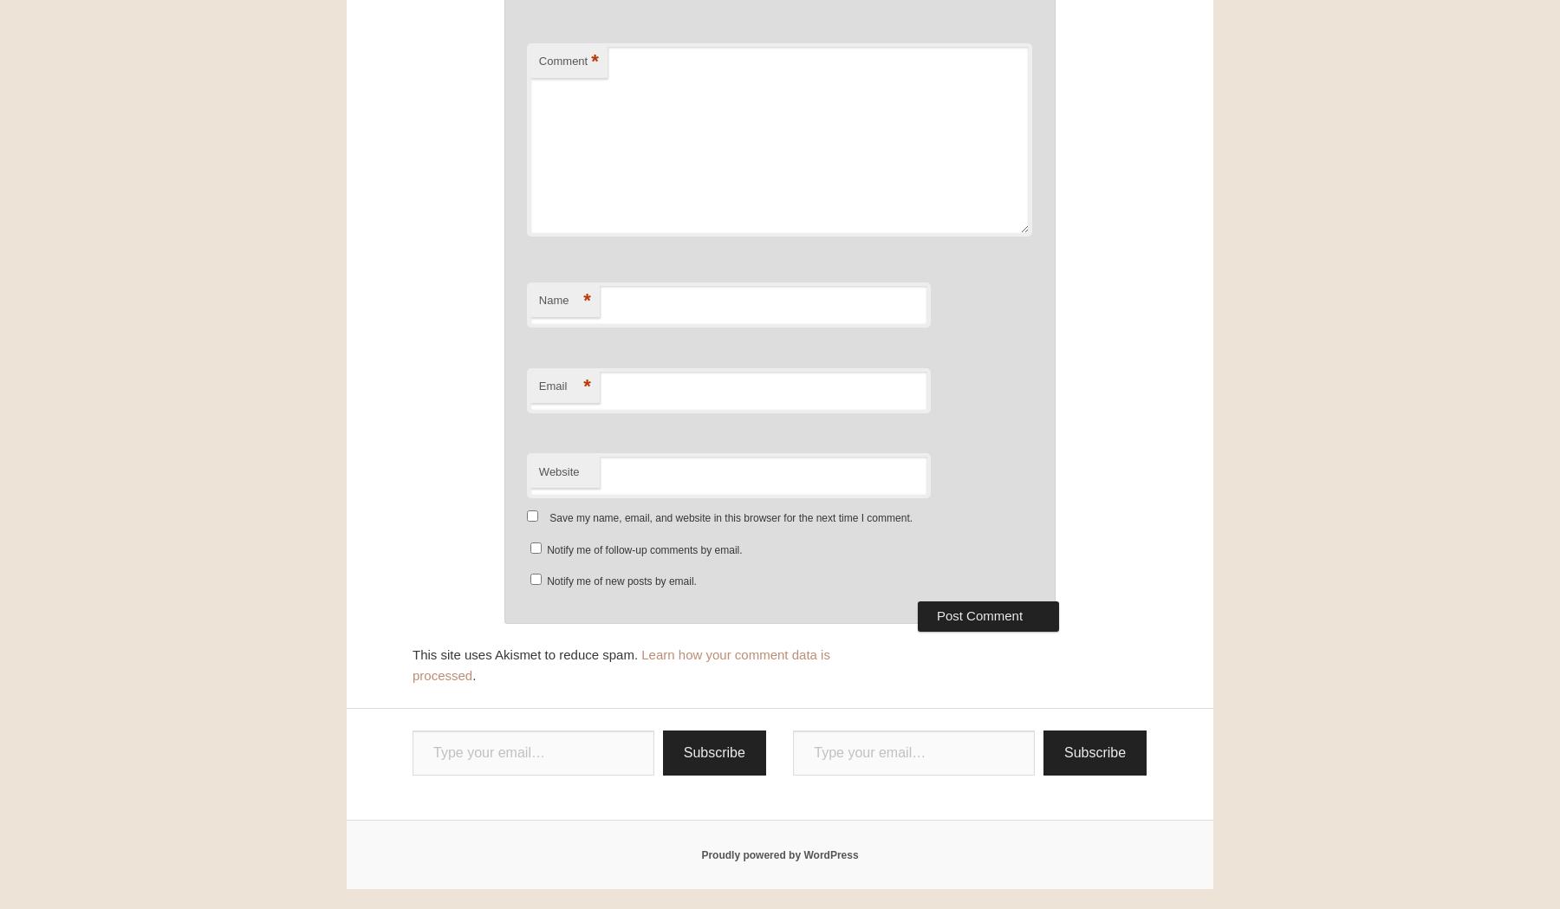 This screenshot has height=909, width=1560. What do you see at coordinates (700, 853) in the screenshot?
I see `'Proudly powered by WordPress'` at bounding box center [700, 853].